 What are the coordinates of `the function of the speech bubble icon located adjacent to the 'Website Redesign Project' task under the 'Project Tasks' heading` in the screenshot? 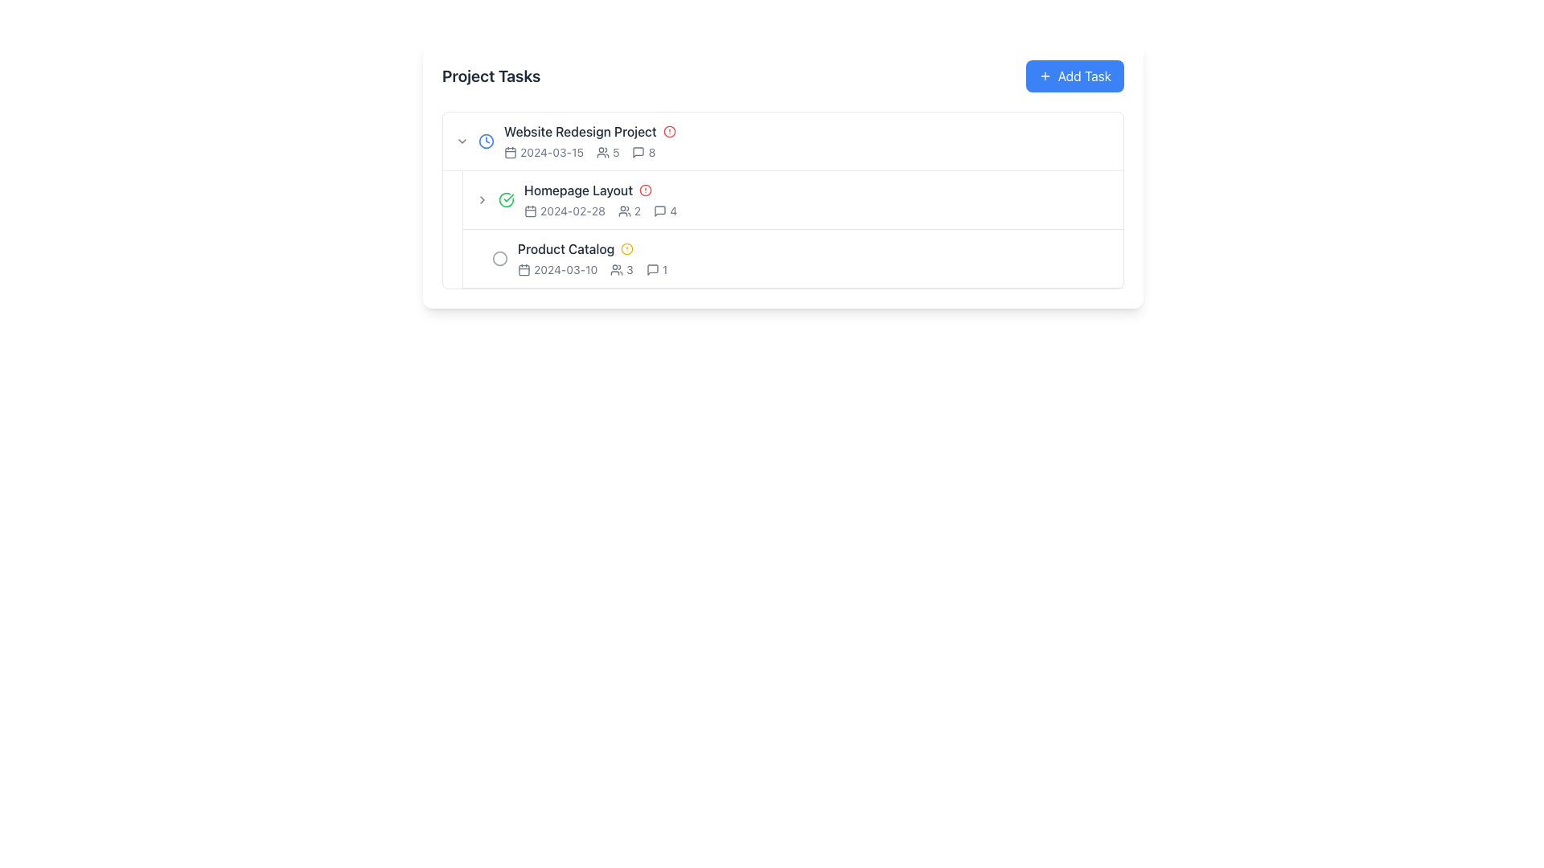 It's located at (638, 152).